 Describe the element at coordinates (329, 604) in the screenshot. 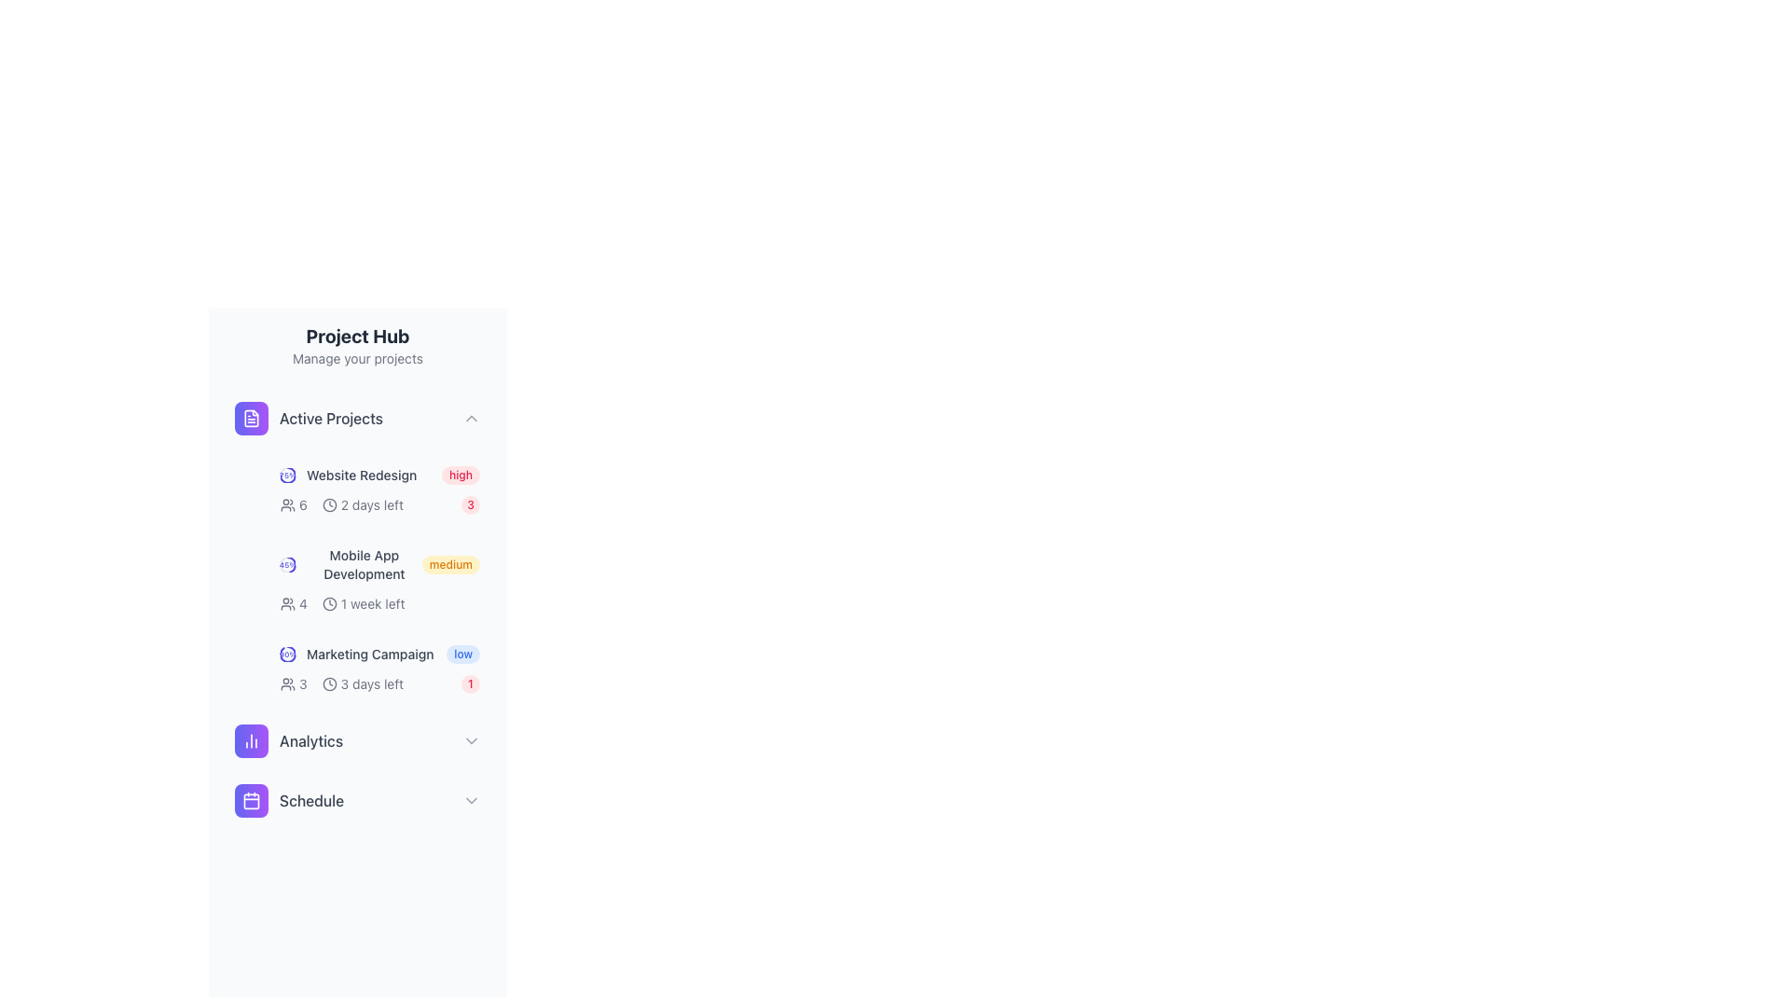

I see `the small, circular clock icon with a thin outline, part of the 'Mobile App Development' project entry, located to the left of the text '1 week left'` at that location.